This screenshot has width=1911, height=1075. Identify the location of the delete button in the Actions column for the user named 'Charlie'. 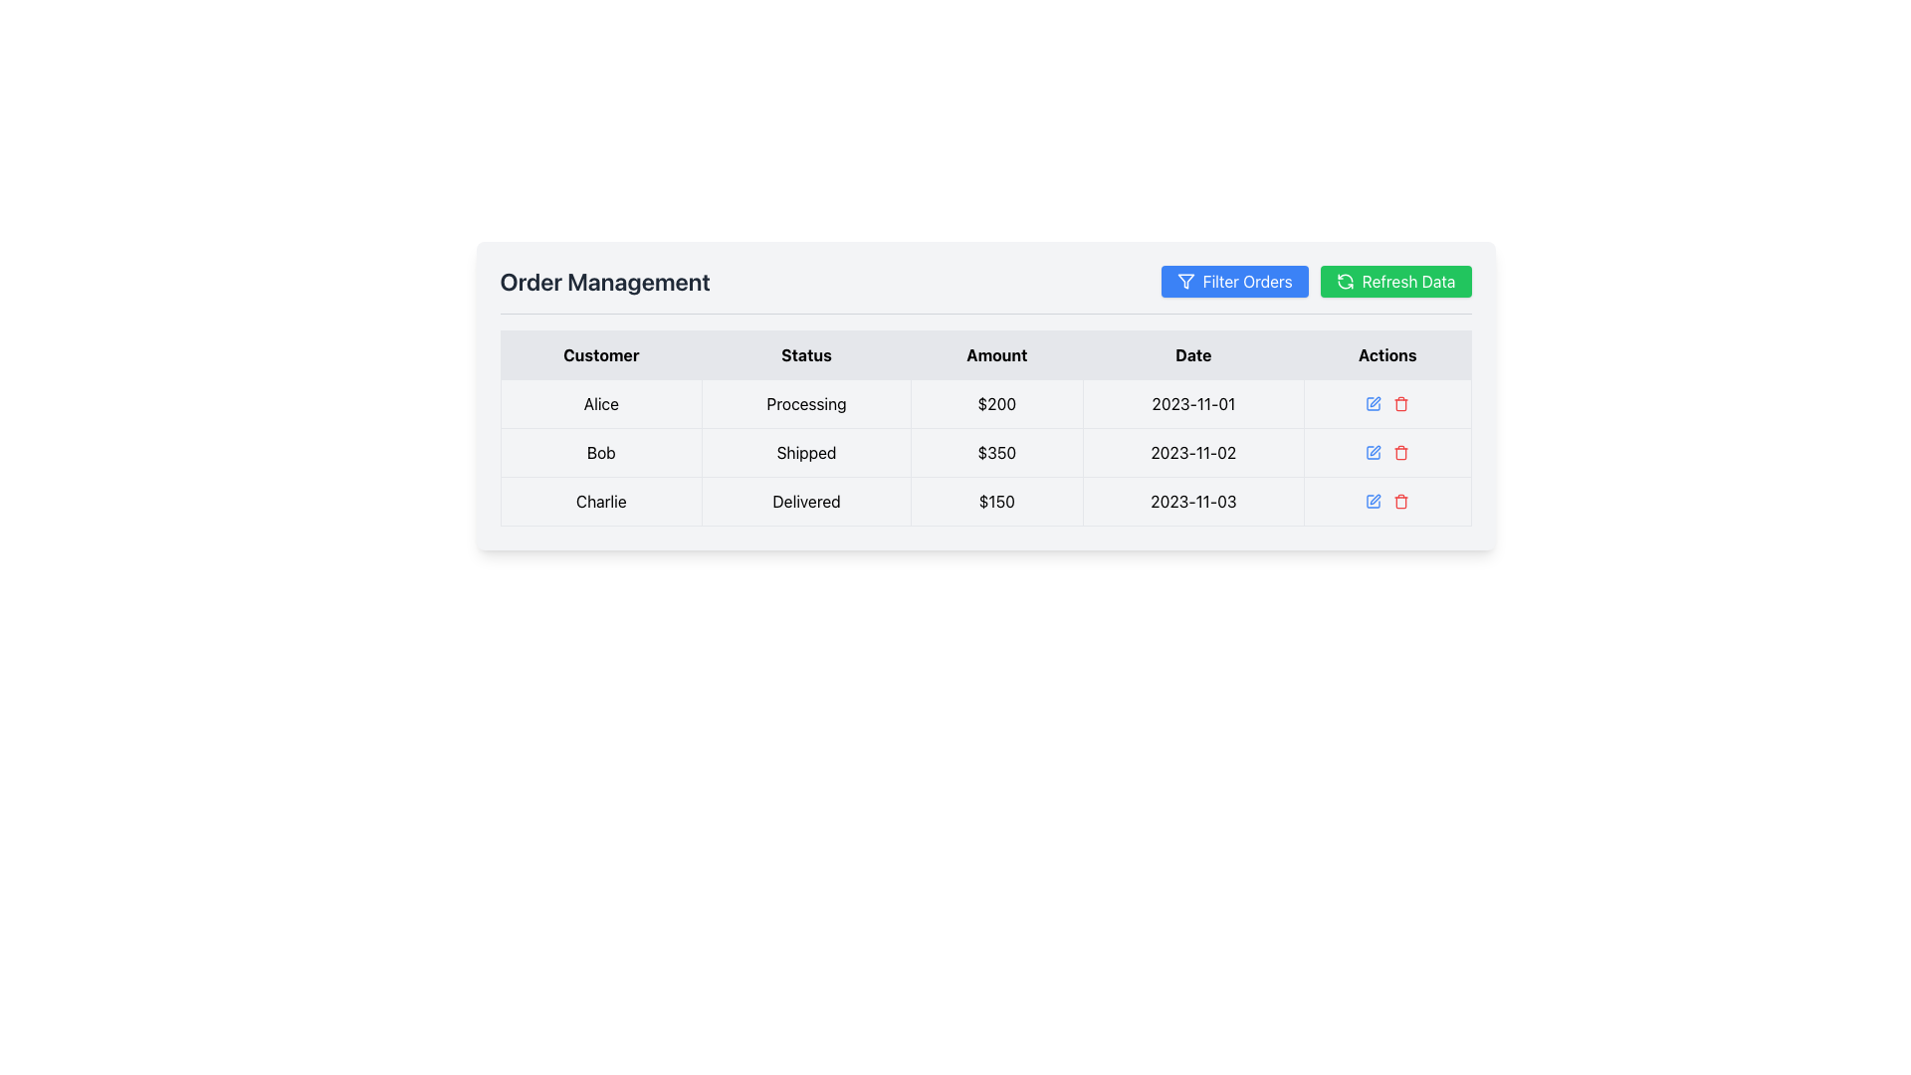
(1400, 501).